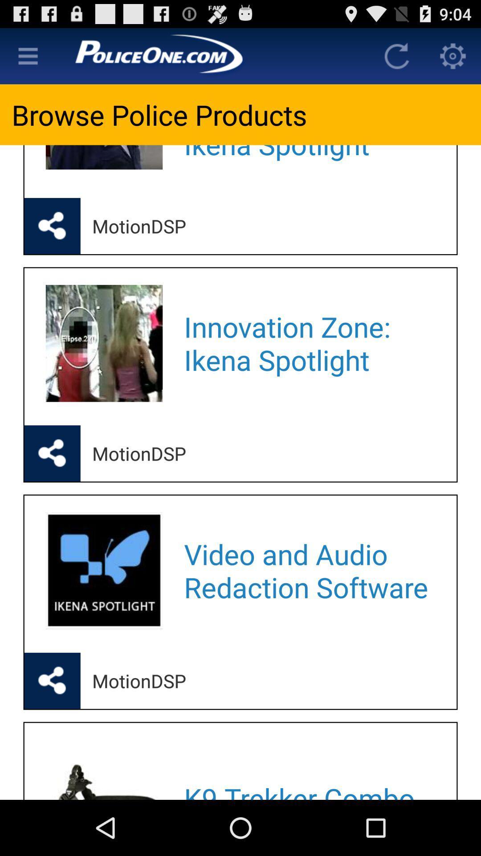 The height and width of the screenshot is (856, 481). What do you see at coordinates (27, 55) in the screenshot?
I see `look for other items` at bounding box center [27, 55].